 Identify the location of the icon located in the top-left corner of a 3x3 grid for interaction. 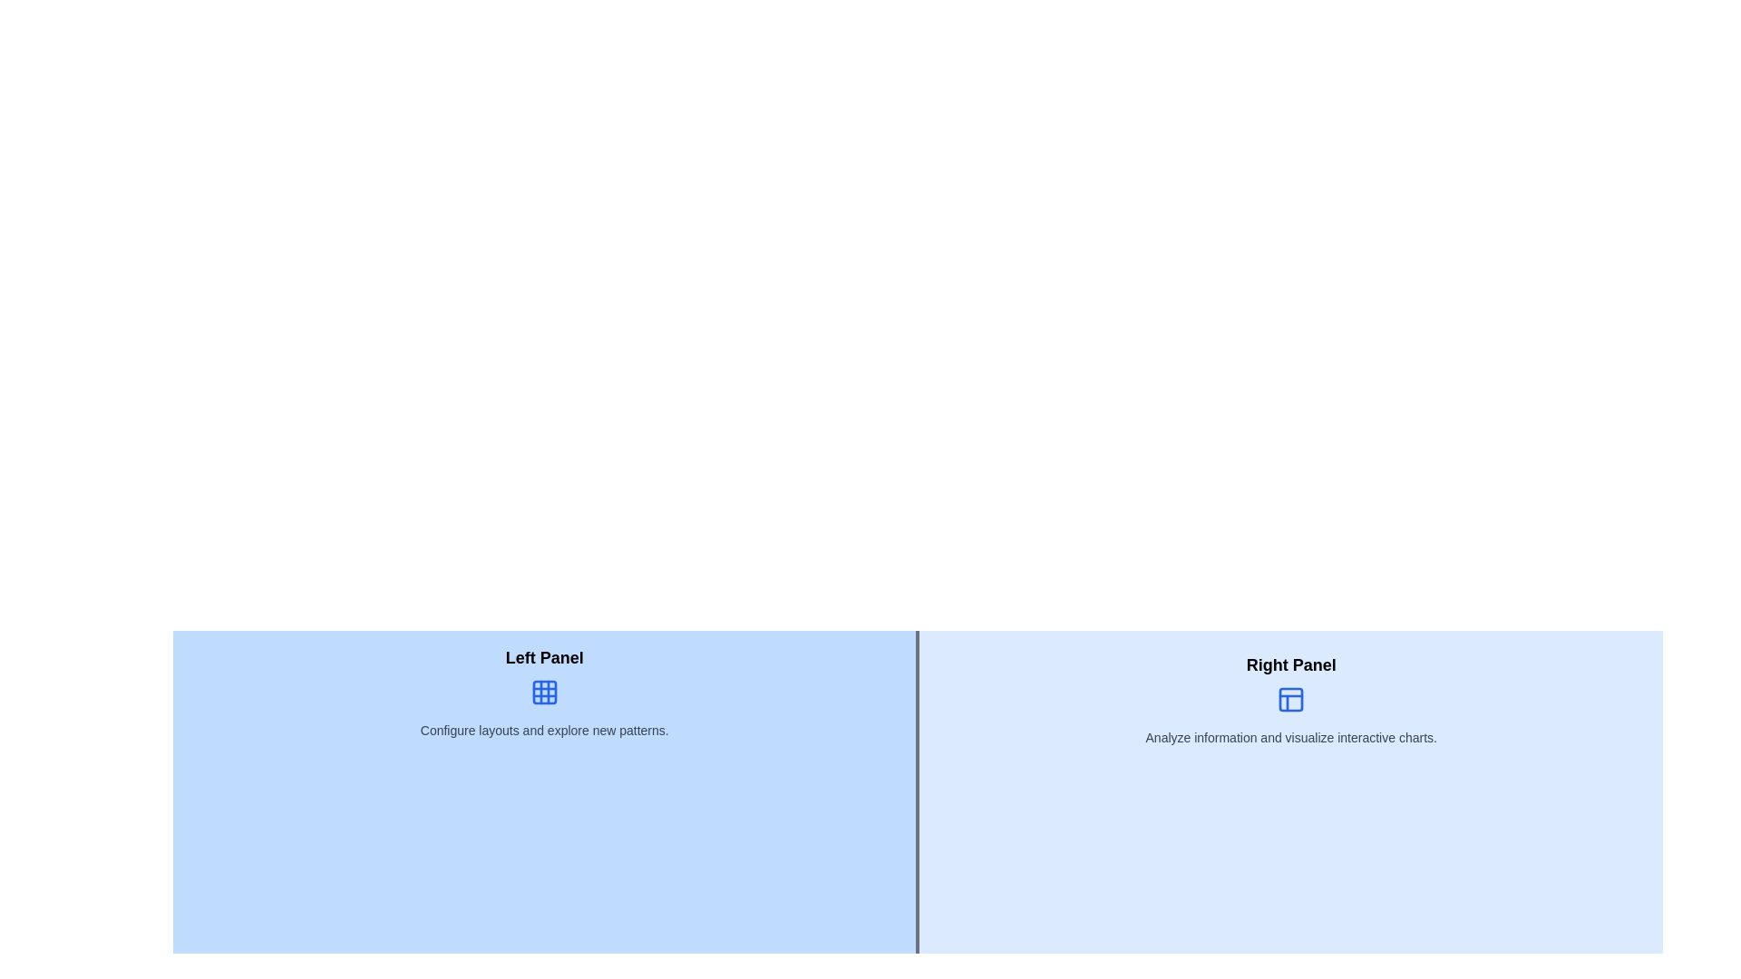
(543, 692).